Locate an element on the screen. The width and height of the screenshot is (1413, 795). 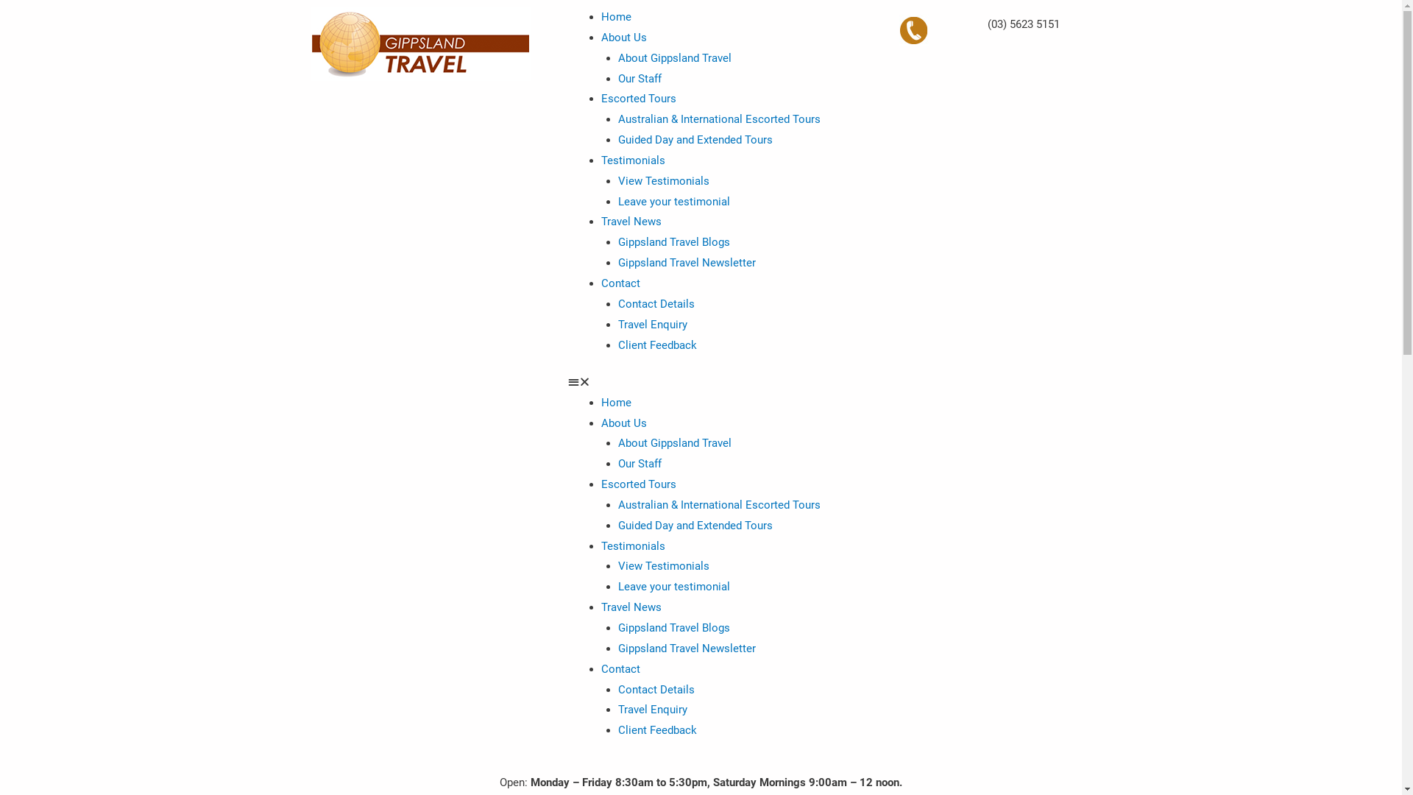
'Leave your testimonial' is located at coordinates (618, 201).